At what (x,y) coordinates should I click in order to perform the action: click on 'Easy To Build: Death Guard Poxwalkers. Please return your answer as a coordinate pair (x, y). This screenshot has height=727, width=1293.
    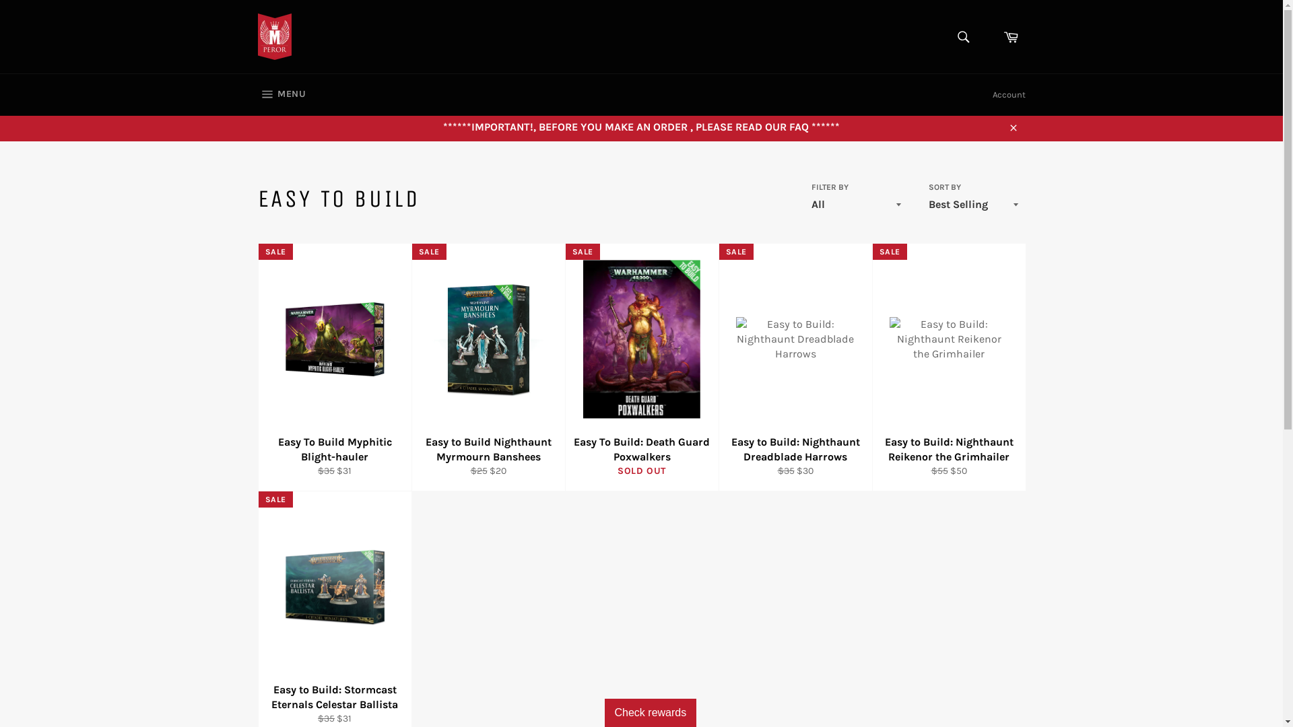
    Looking at the image, I should click on (640, 368).